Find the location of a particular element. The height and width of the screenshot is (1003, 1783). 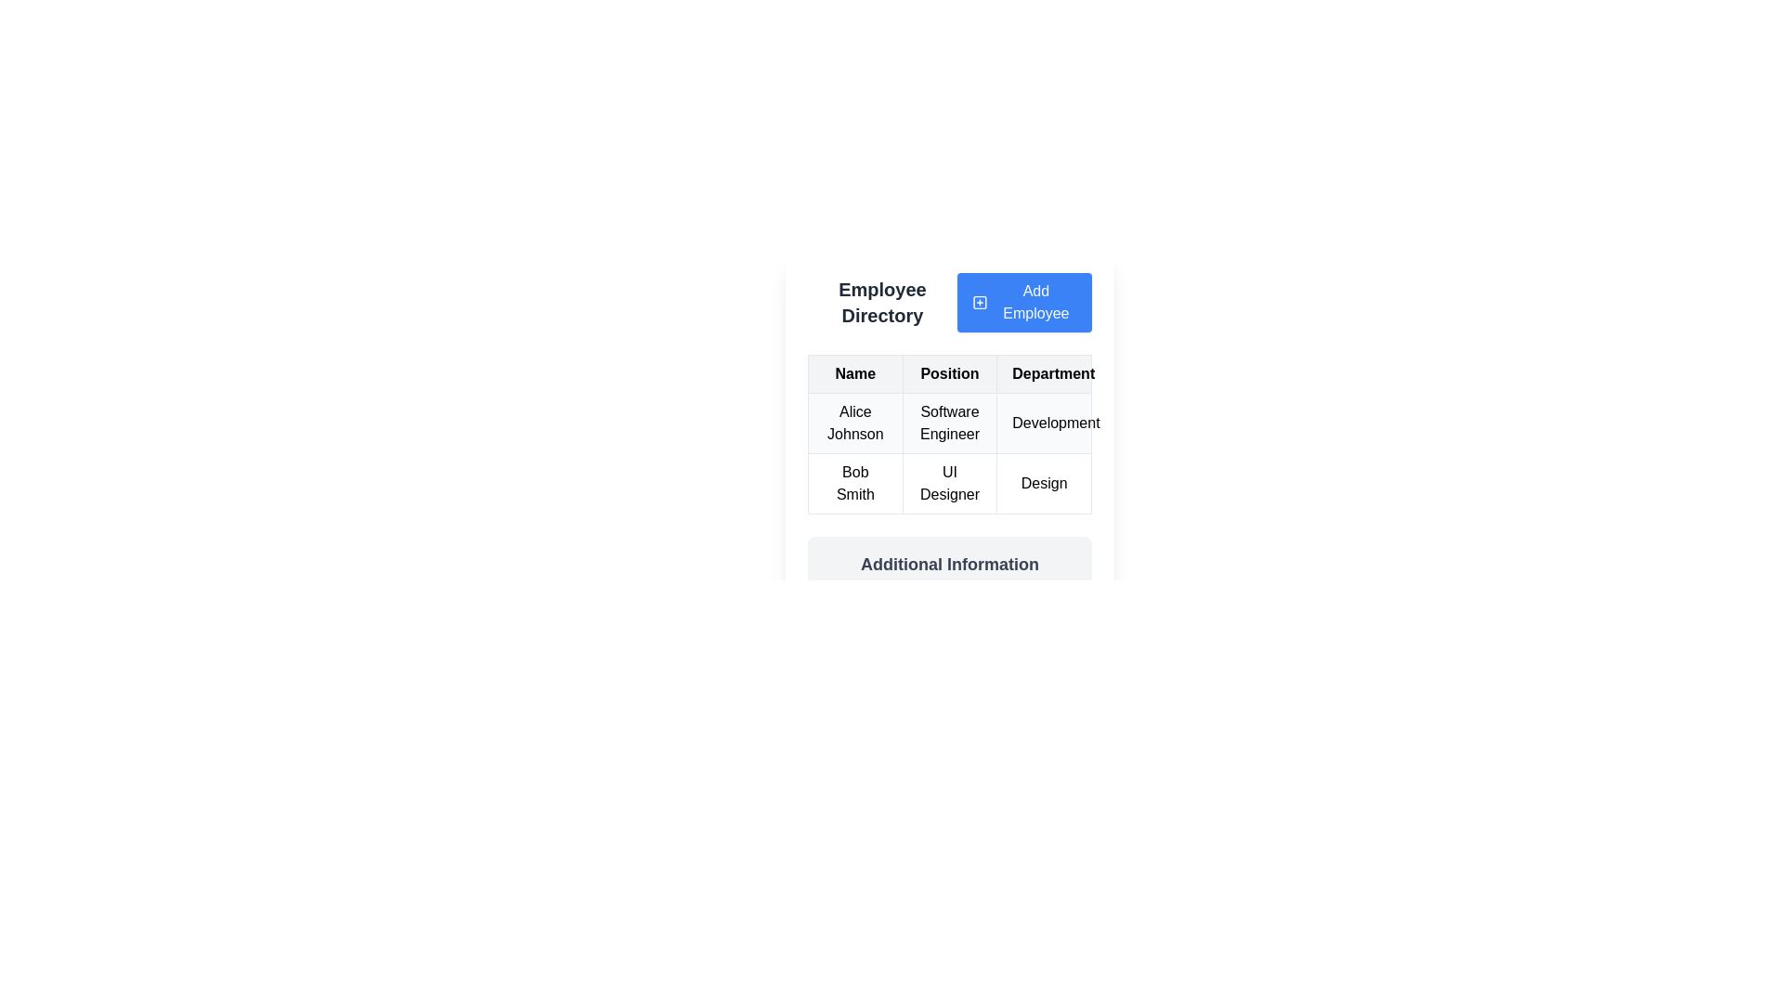

the 'Add Employee' button located in the top-right corner of the interface, which contains the icon indicating the functionality for adding new employees is located at coordinates (979, 302).